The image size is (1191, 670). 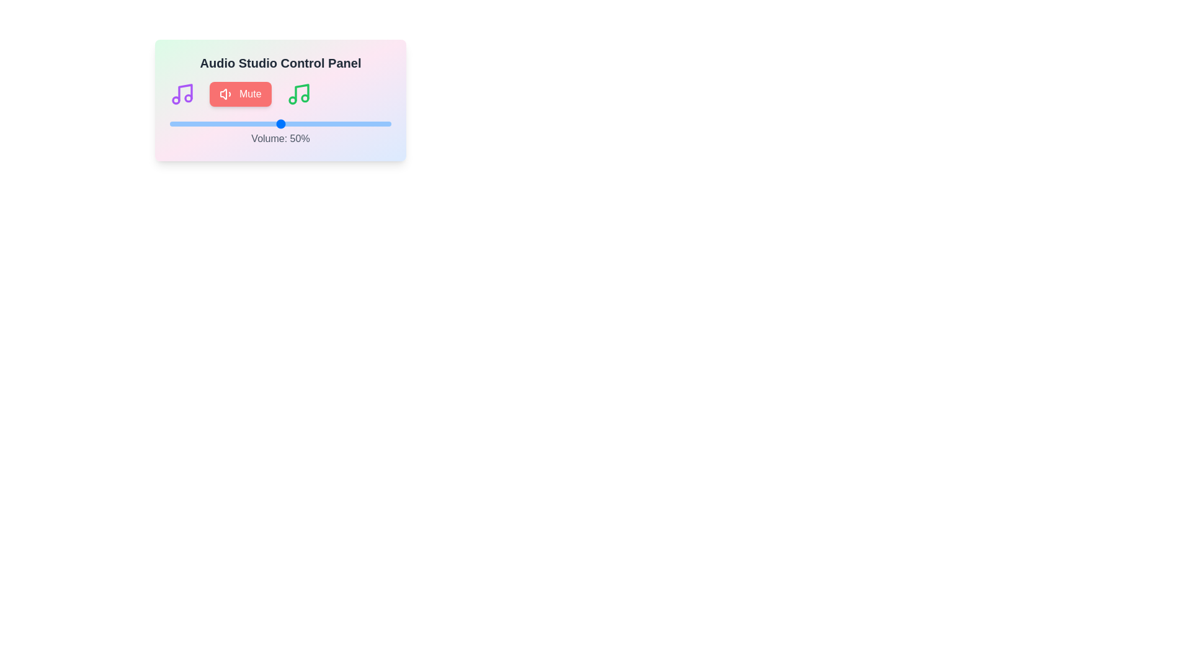 What do you see at coordinates (373, 124) in the screenshot?
I see `the volume slider to set the volume to 92%` at bounding box center [373, 124].